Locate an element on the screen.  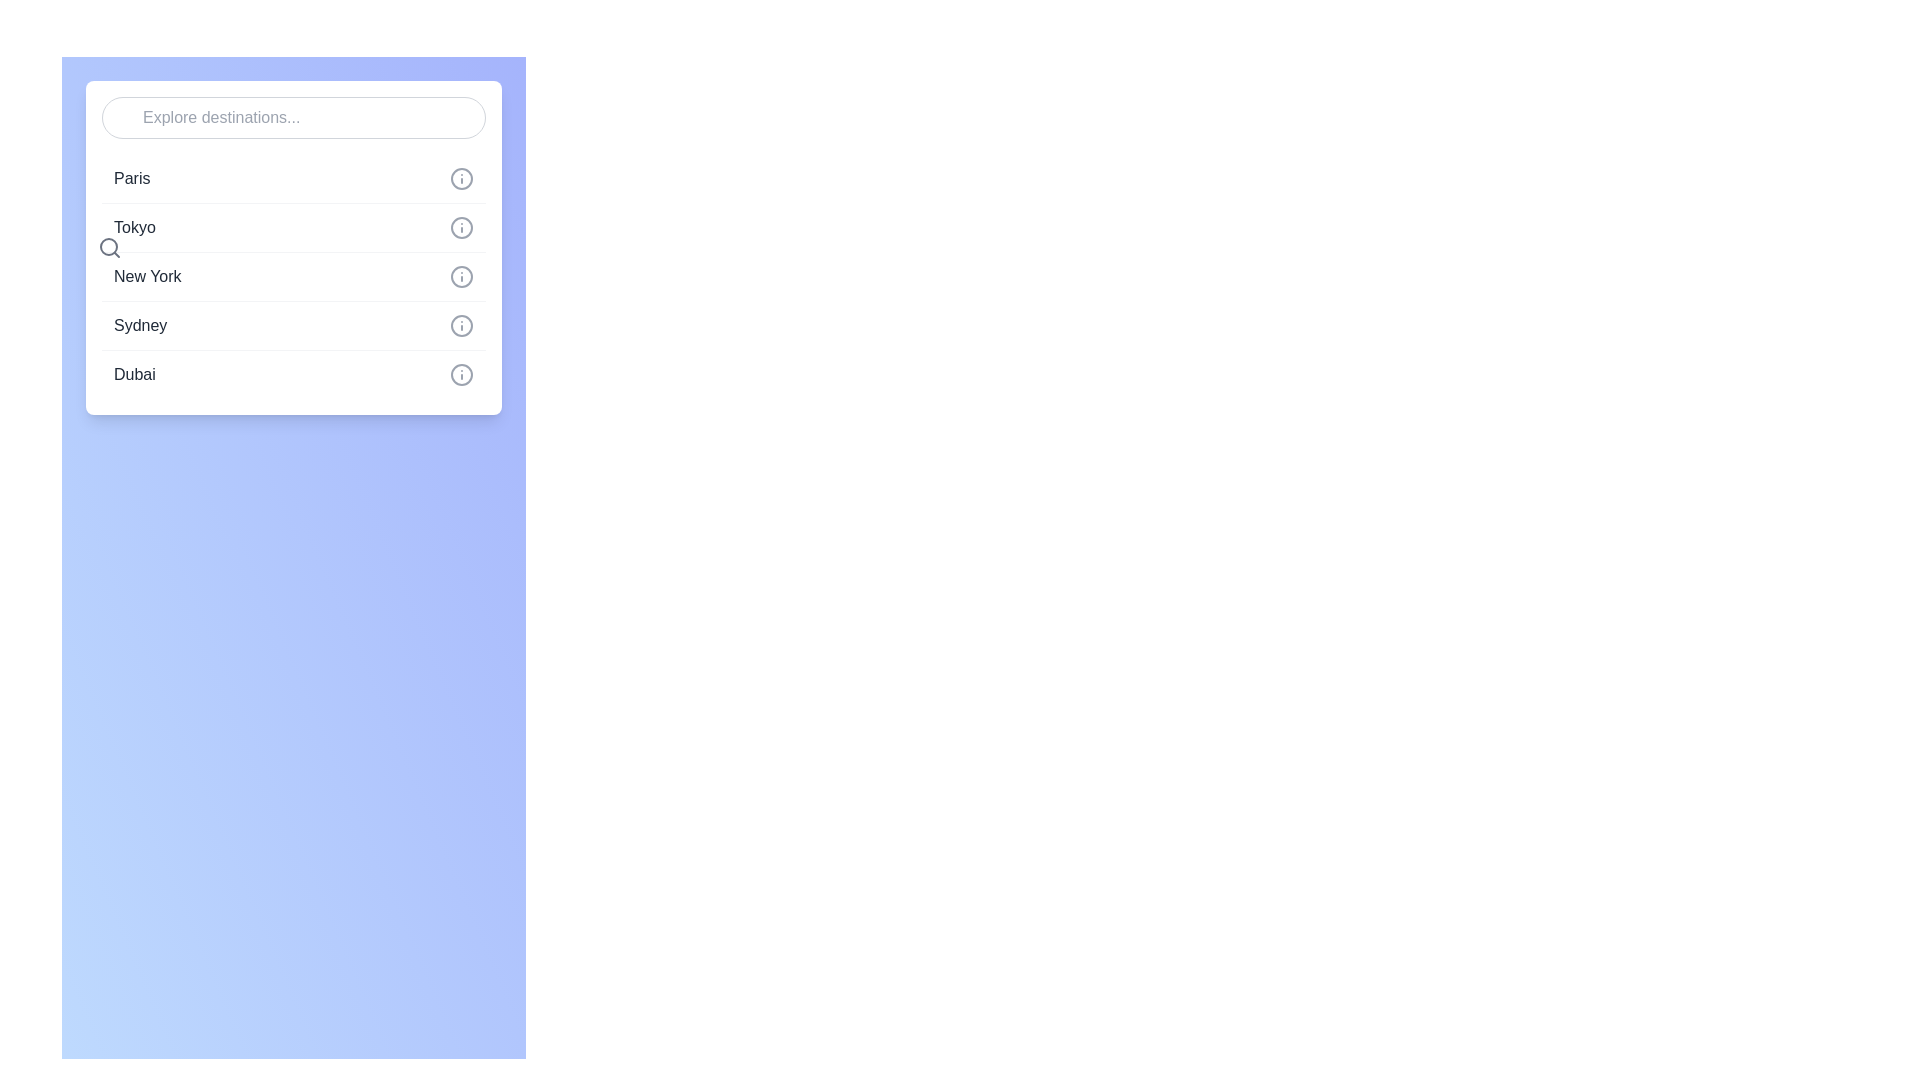
the selectable list option labeled 'New York', which is the third item in the vertically stacked list is located at coordinates (292, 276).